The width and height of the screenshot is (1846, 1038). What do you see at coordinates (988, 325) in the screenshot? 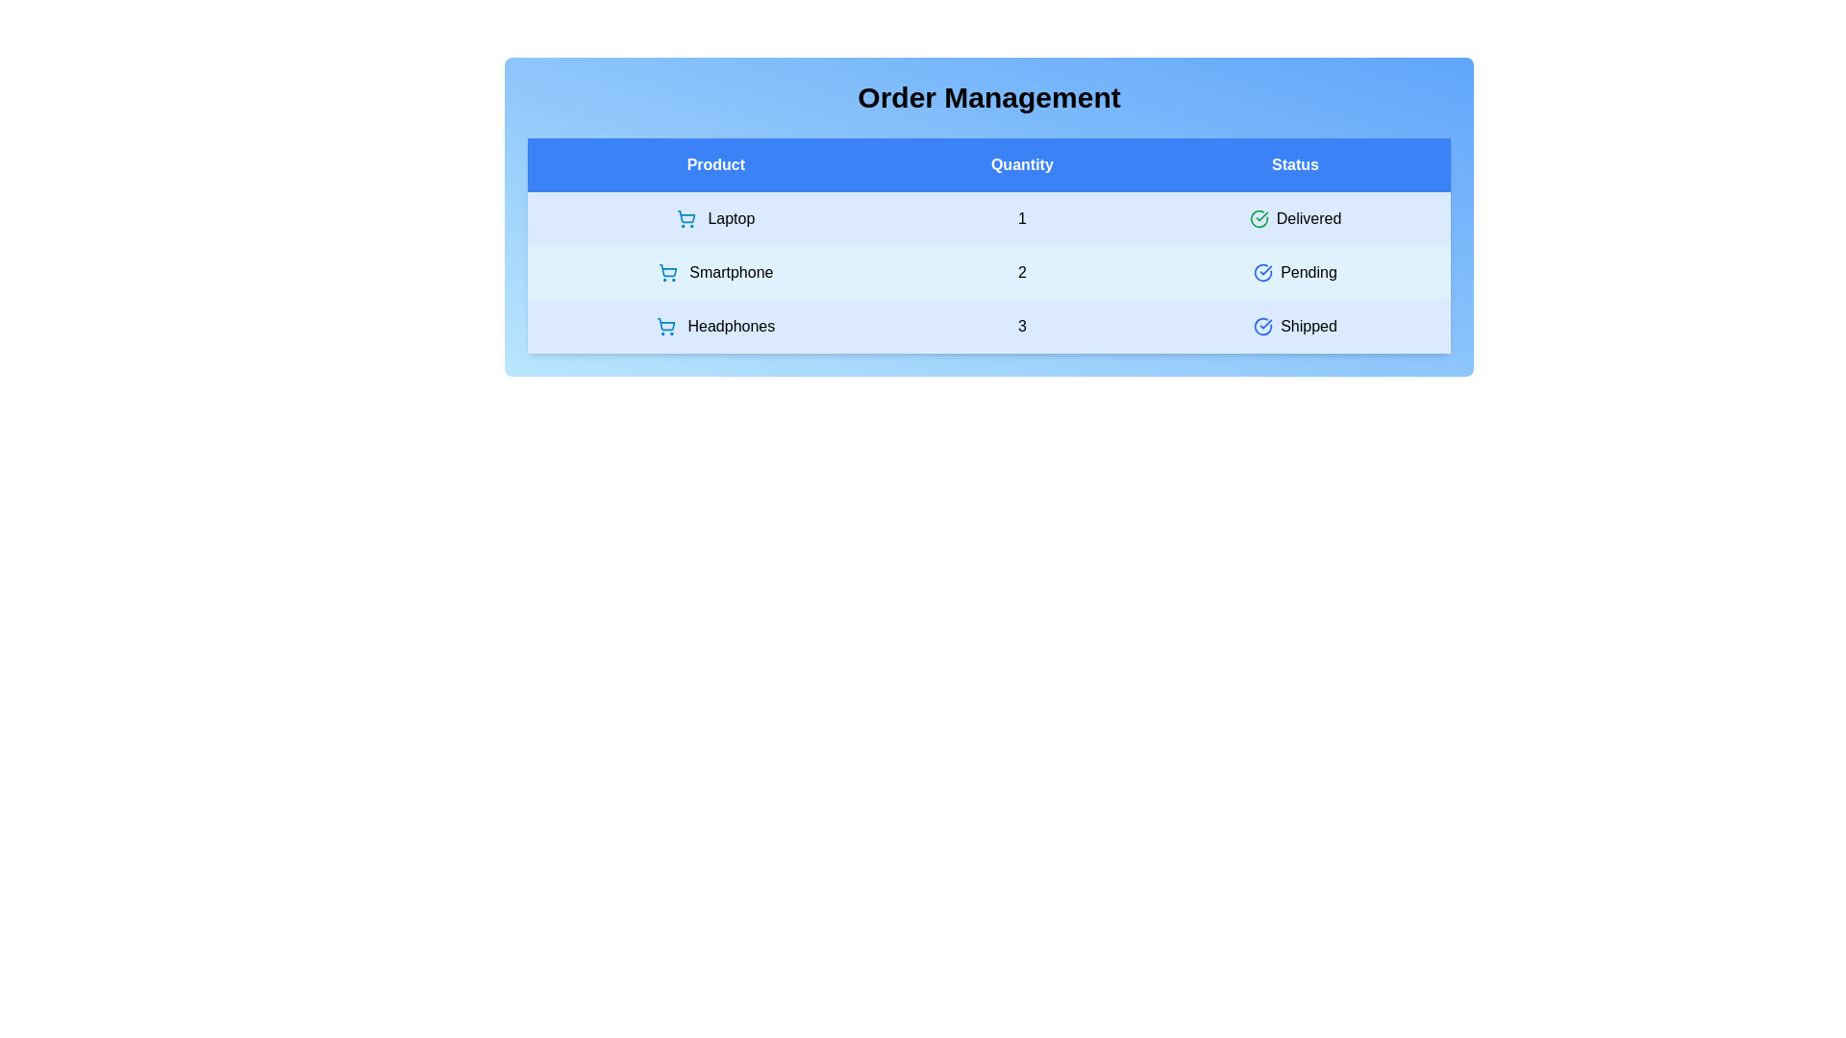
I see `the row corresponding to Headphones to highlight it` at bounding box center [988, 325].